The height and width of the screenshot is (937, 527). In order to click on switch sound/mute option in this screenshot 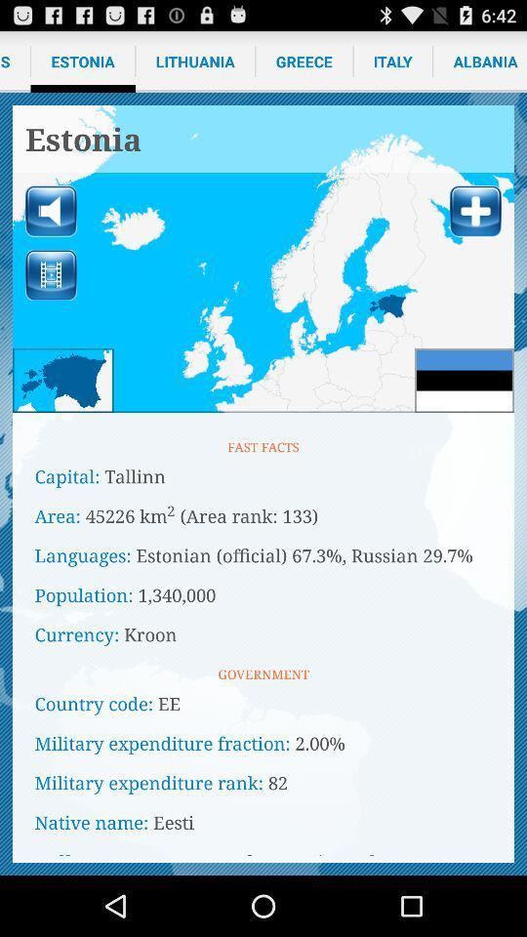, I will do `click(51, 211)`.